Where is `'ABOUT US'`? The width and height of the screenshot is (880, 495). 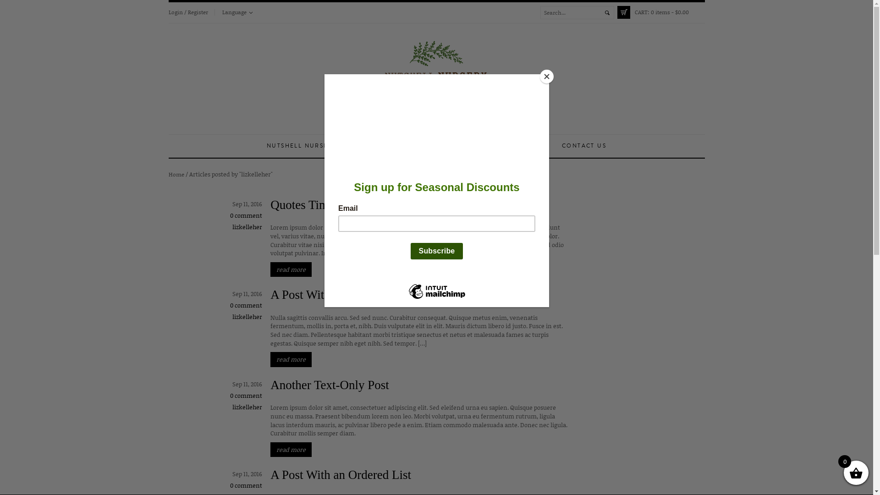
'ABOUT US' is located at coordinates (372, 146).